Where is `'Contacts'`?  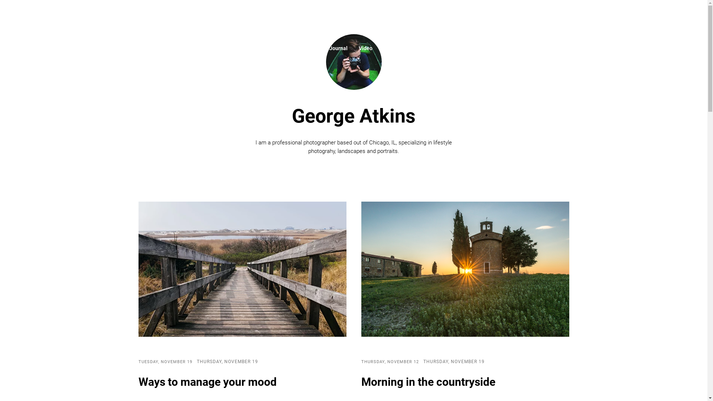 'Contacts' is located at coordinates (416, 48).